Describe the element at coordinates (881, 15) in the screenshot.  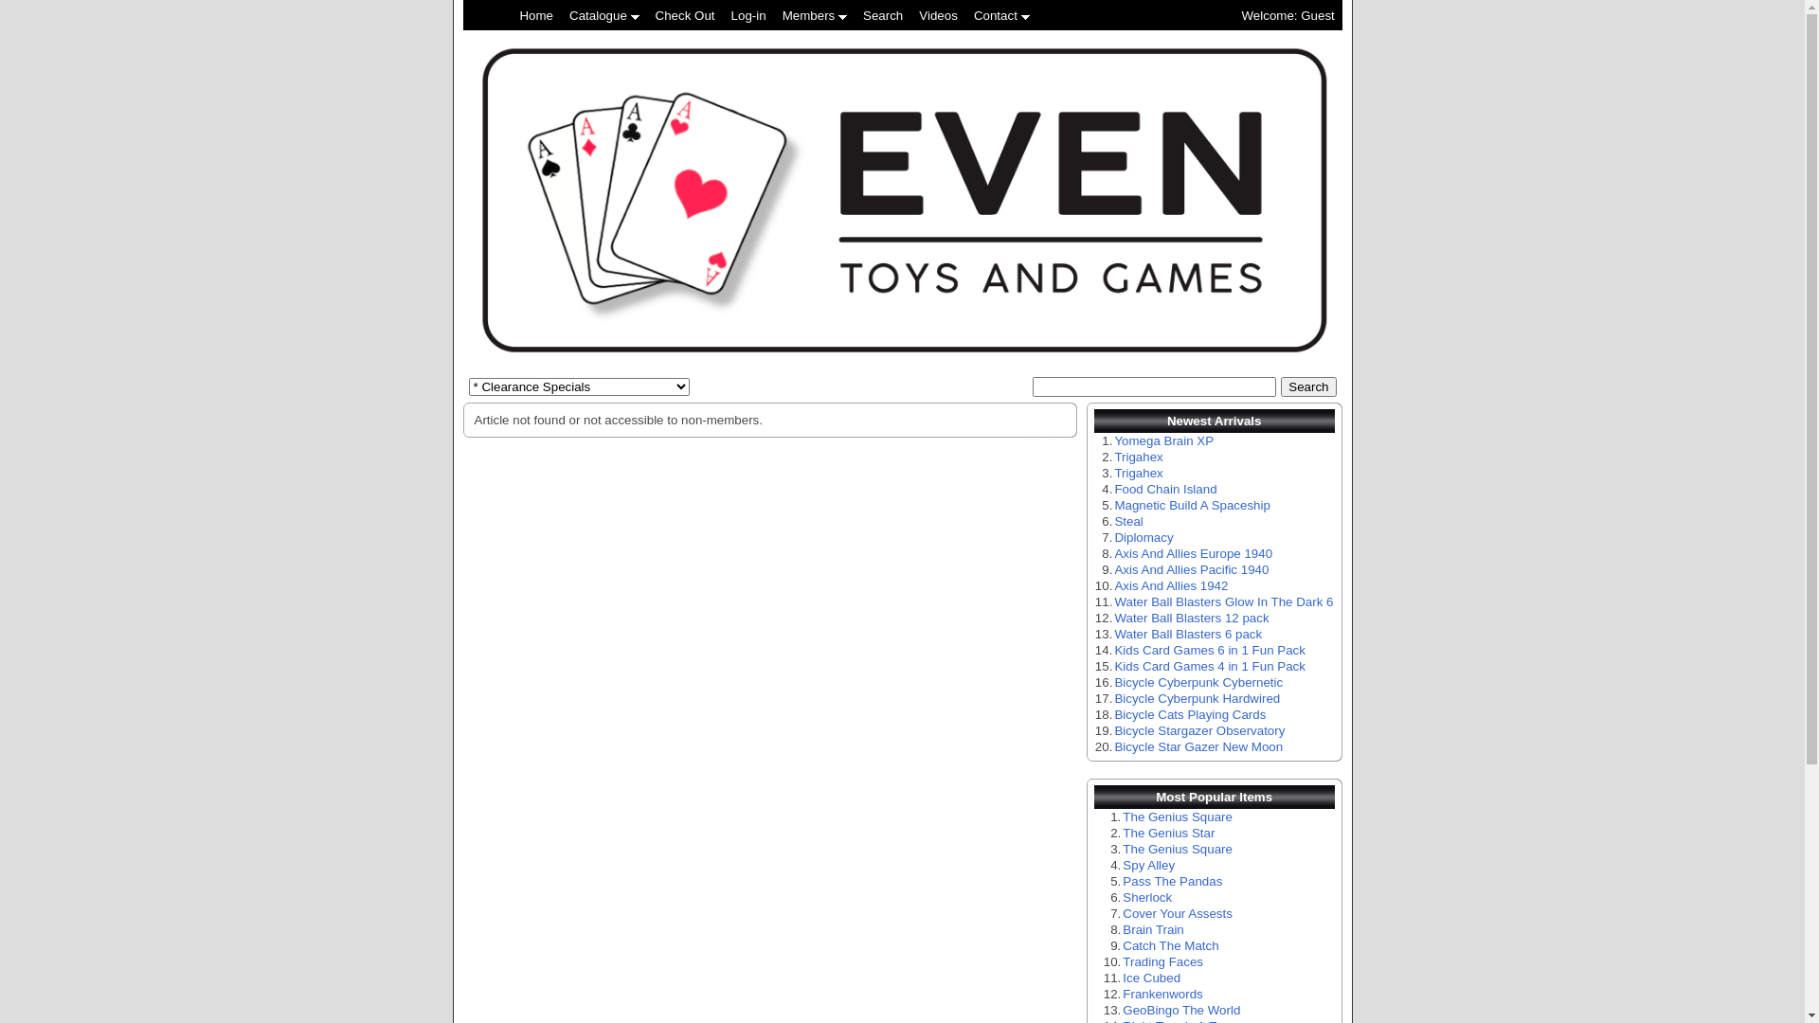
I see `'Search'` at that location.